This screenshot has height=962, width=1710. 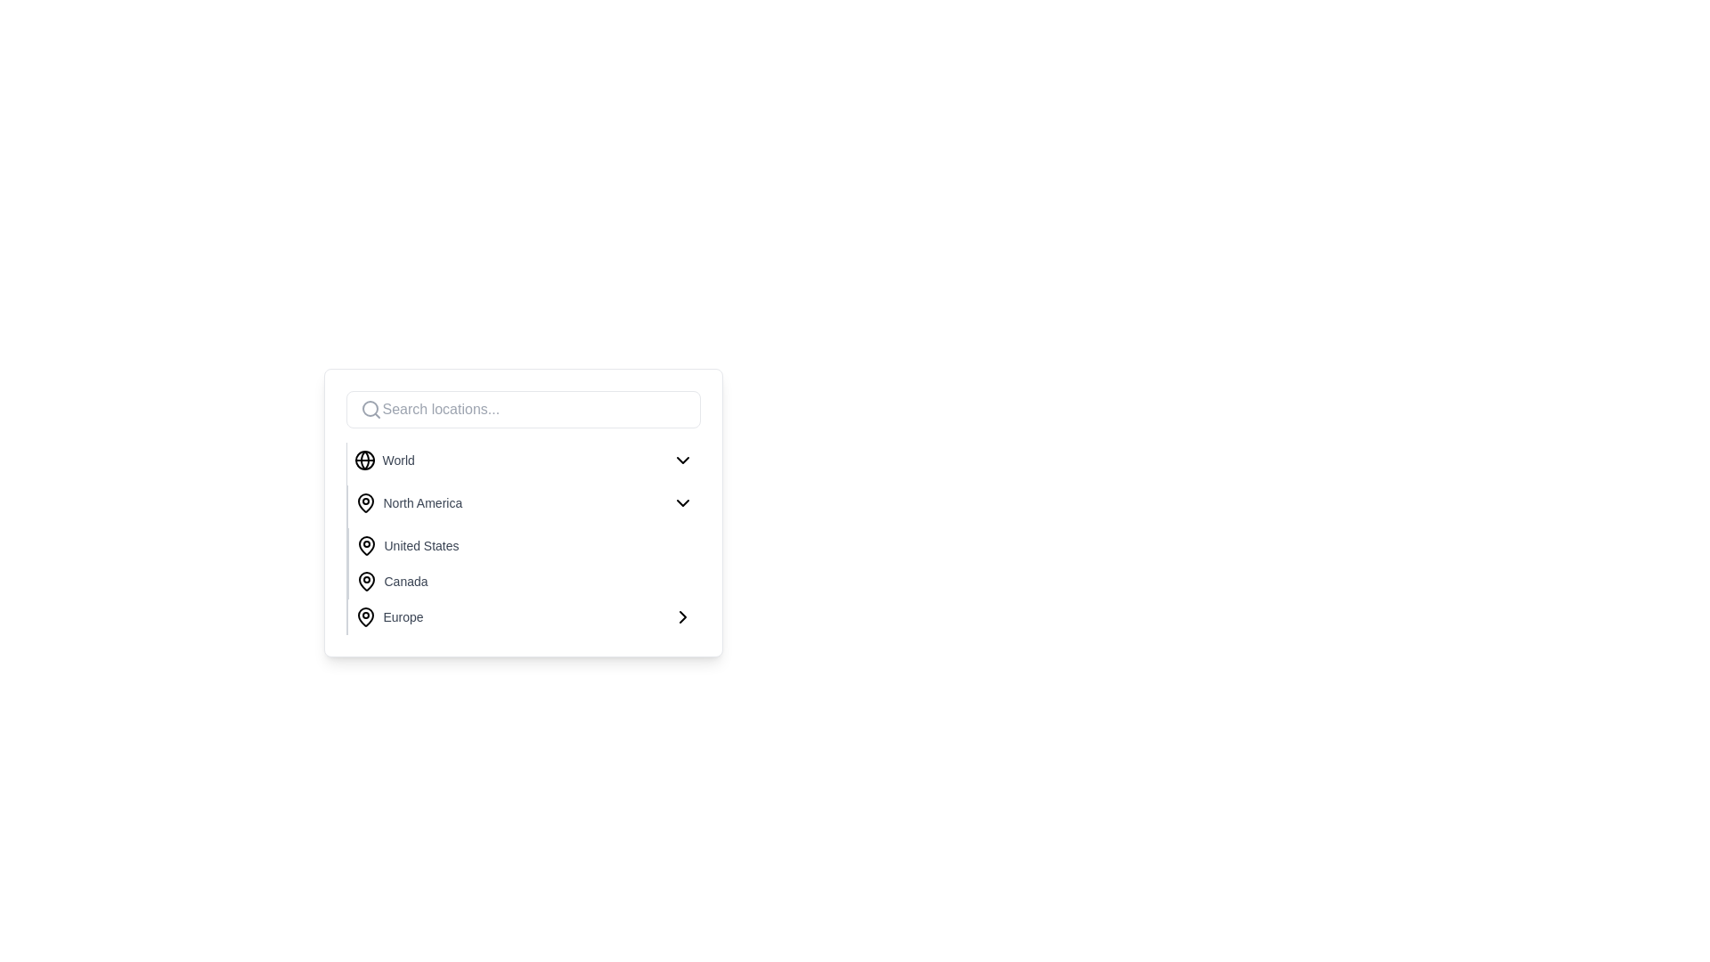 What do you see at coordinates (523, 558) in the screenshot?
I see `the 'United States' option in the geographic choices dropdown menu under the 'World' section` at bounding box center [523, 558].